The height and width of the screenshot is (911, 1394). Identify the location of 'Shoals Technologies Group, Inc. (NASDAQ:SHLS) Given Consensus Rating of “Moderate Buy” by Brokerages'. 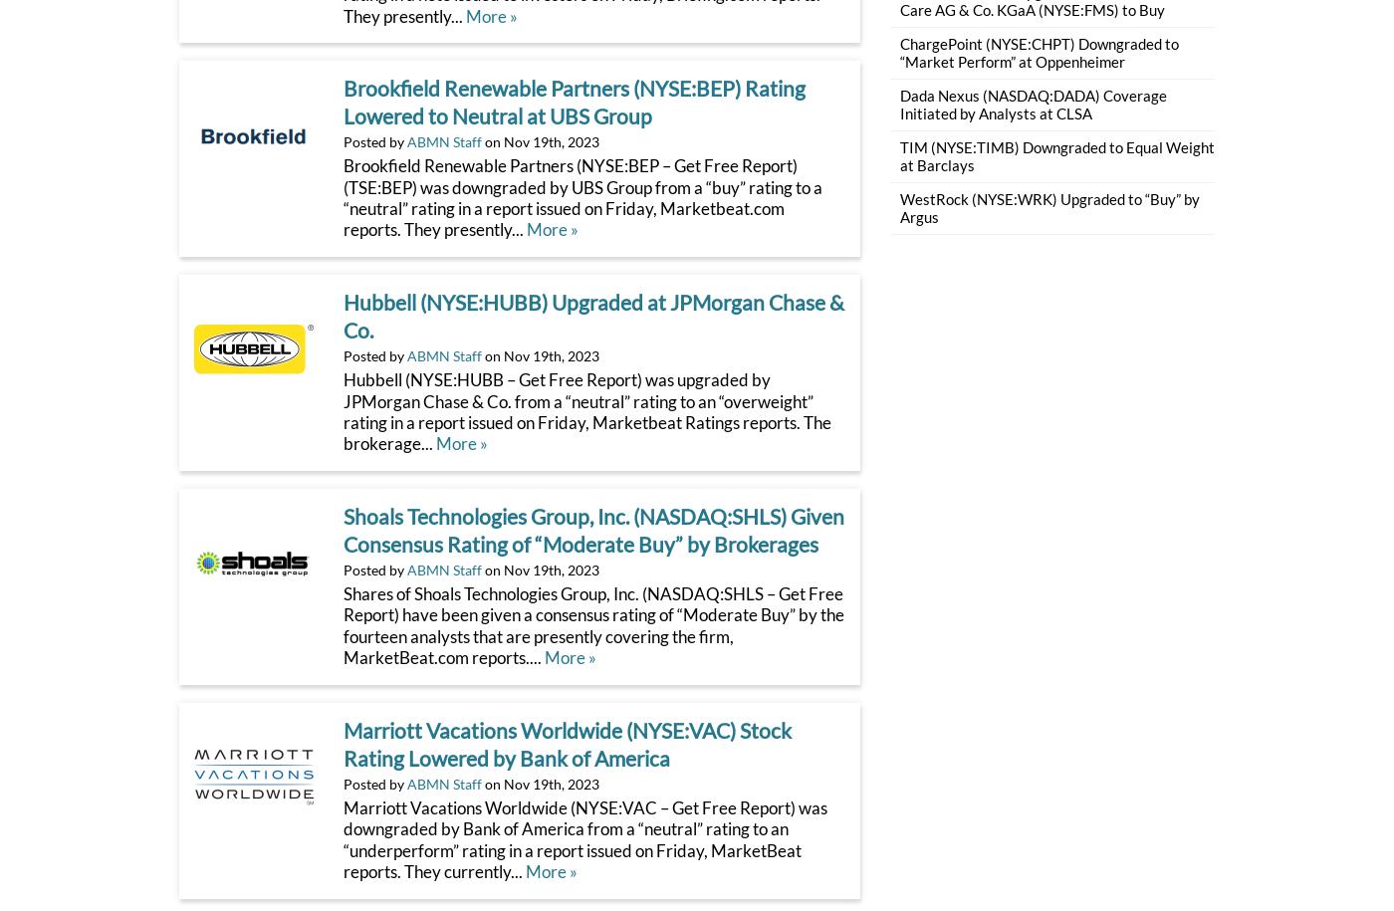
(343, 529).